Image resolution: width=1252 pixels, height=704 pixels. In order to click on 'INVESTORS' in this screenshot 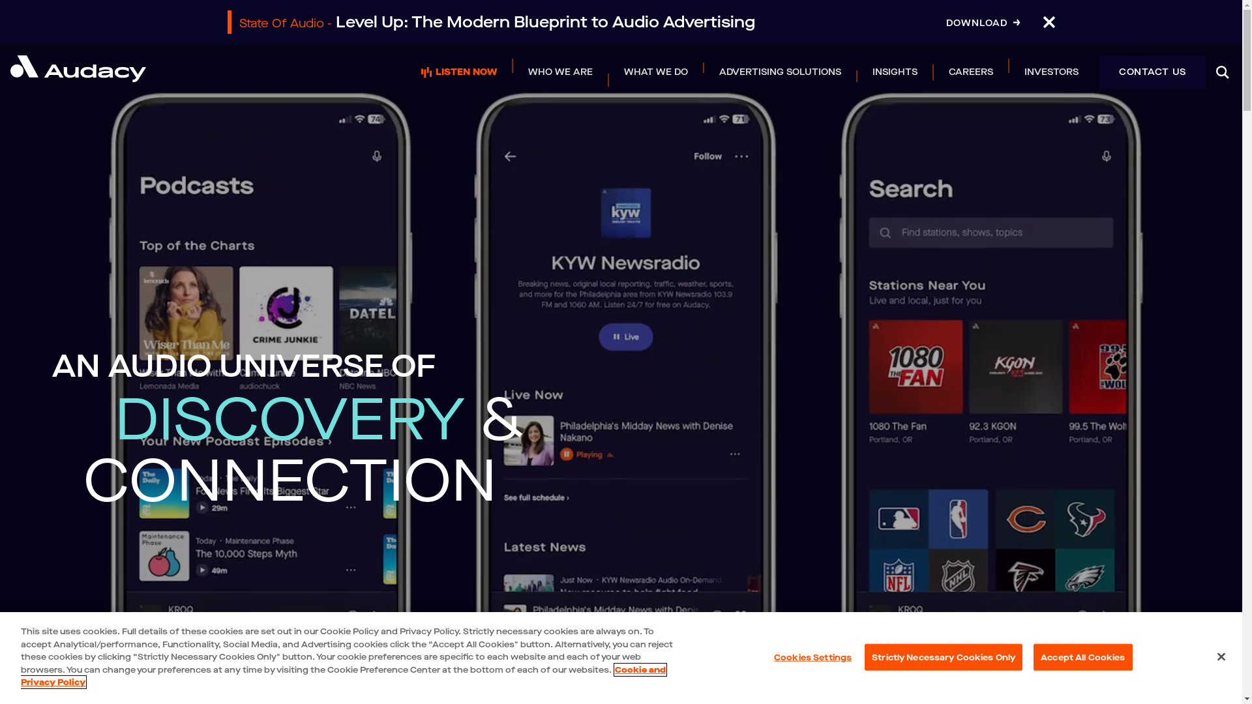, I will do `click(1051, 72)`.